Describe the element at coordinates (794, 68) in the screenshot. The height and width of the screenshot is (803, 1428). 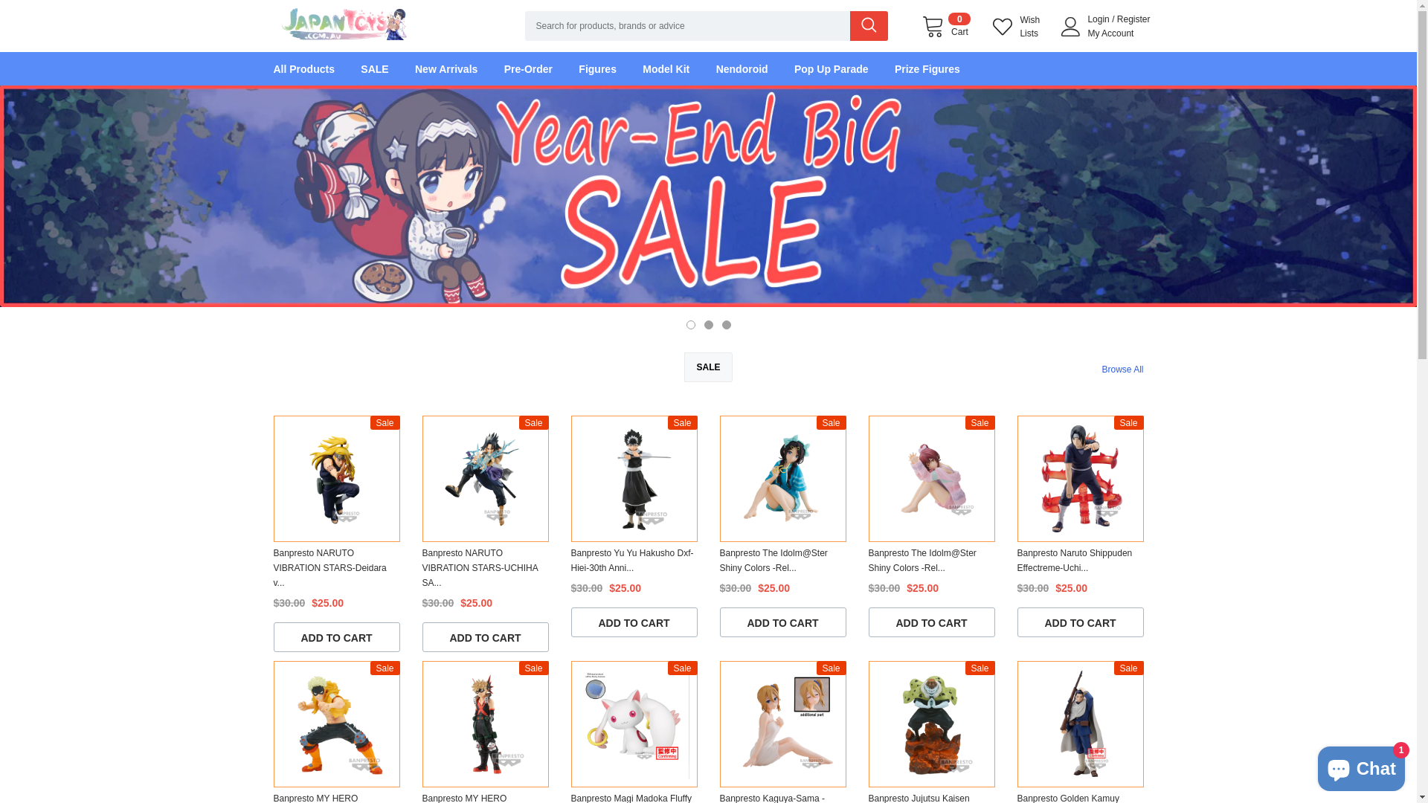
I see `'Pop Up Parade'` at that location.